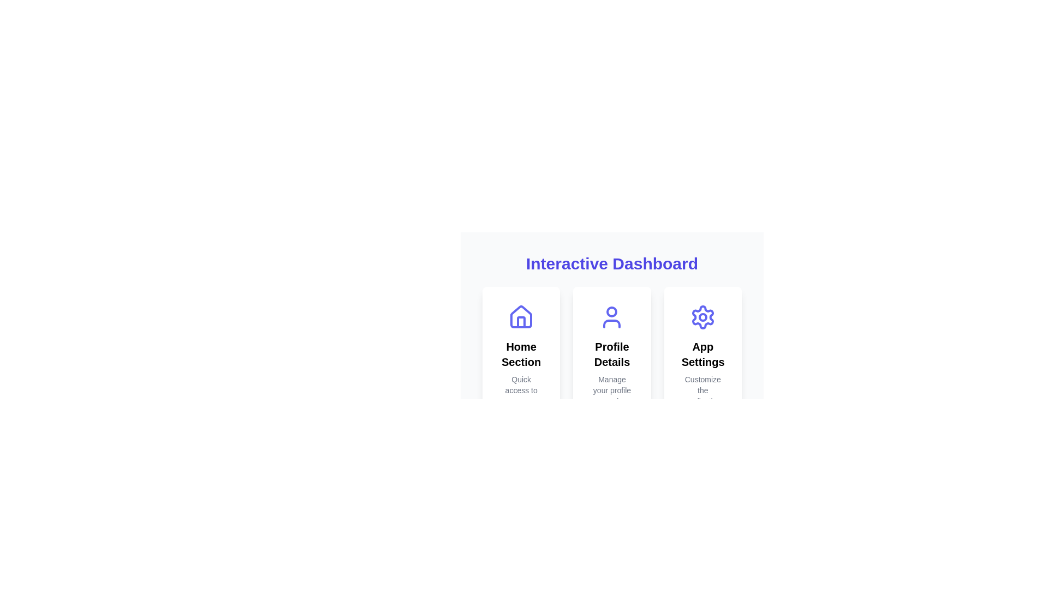  I want to click on the second card in the grid layout, which features a white background, a centered indigo user icon, and the text 'Profile Details' and 'Manage your profile and preferences.', so click(612, 371).